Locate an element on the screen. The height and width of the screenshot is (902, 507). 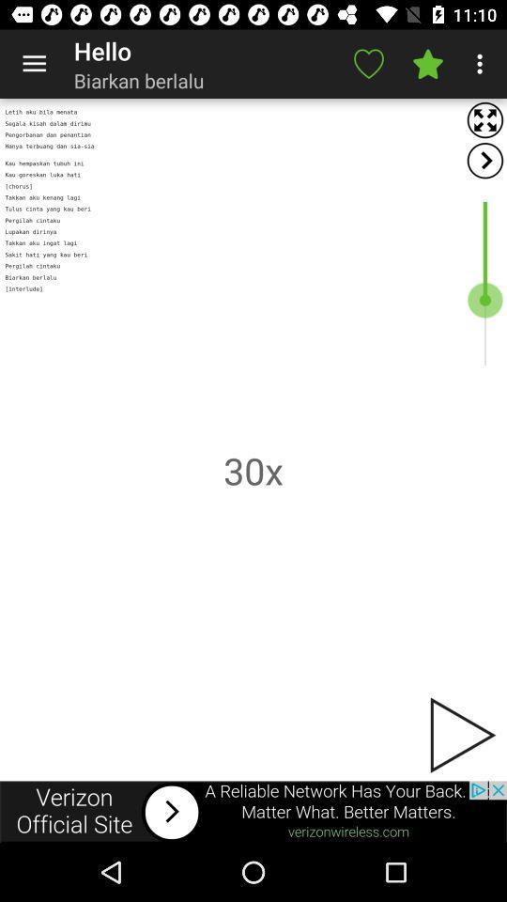
click for advertisement information is located at coordinates (253, 811).